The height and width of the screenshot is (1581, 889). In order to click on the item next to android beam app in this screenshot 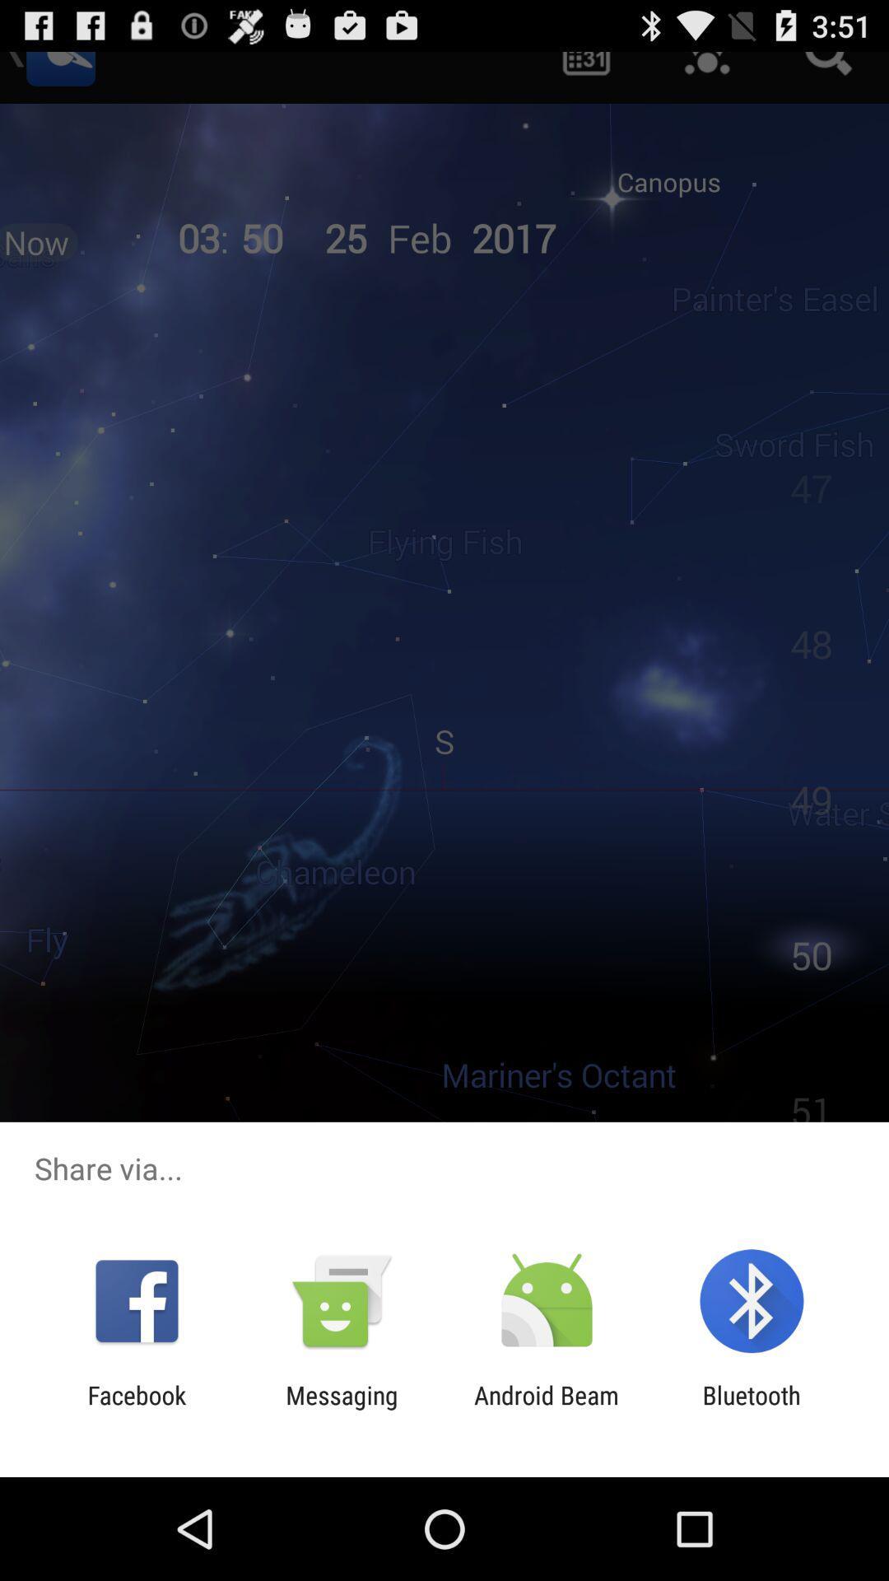, I will do `click(341, 1409)`.